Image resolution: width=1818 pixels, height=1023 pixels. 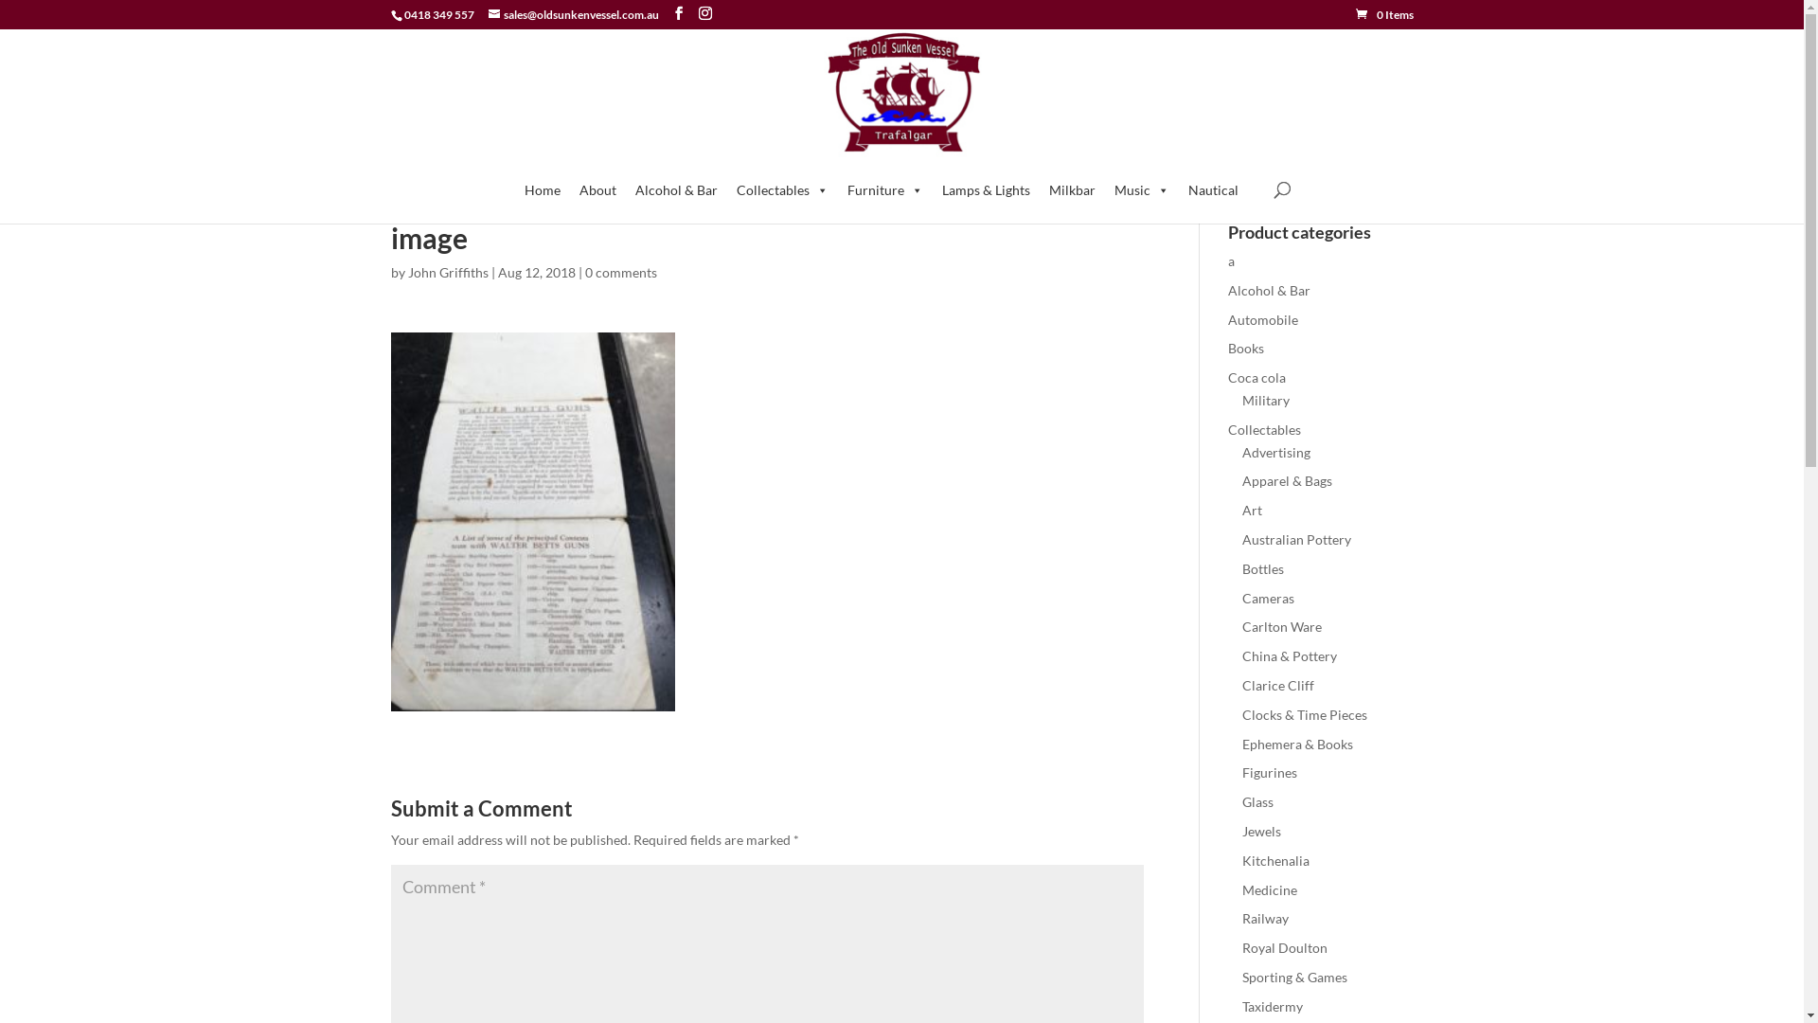 What do you see at coordinates (406, 272) in the screenshot?
I see `'John Griffiths'` at bounding box center [406, 272].